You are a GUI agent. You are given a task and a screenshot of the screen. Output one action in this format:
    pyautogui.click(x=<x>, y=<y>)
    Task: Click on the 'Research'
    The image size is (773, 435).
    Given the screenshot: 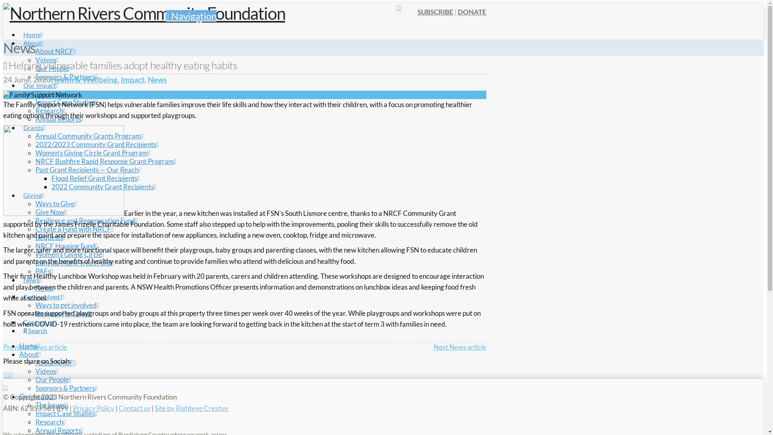 What is the action you would take?
    pyautogui.click(x=50, y=421)
    